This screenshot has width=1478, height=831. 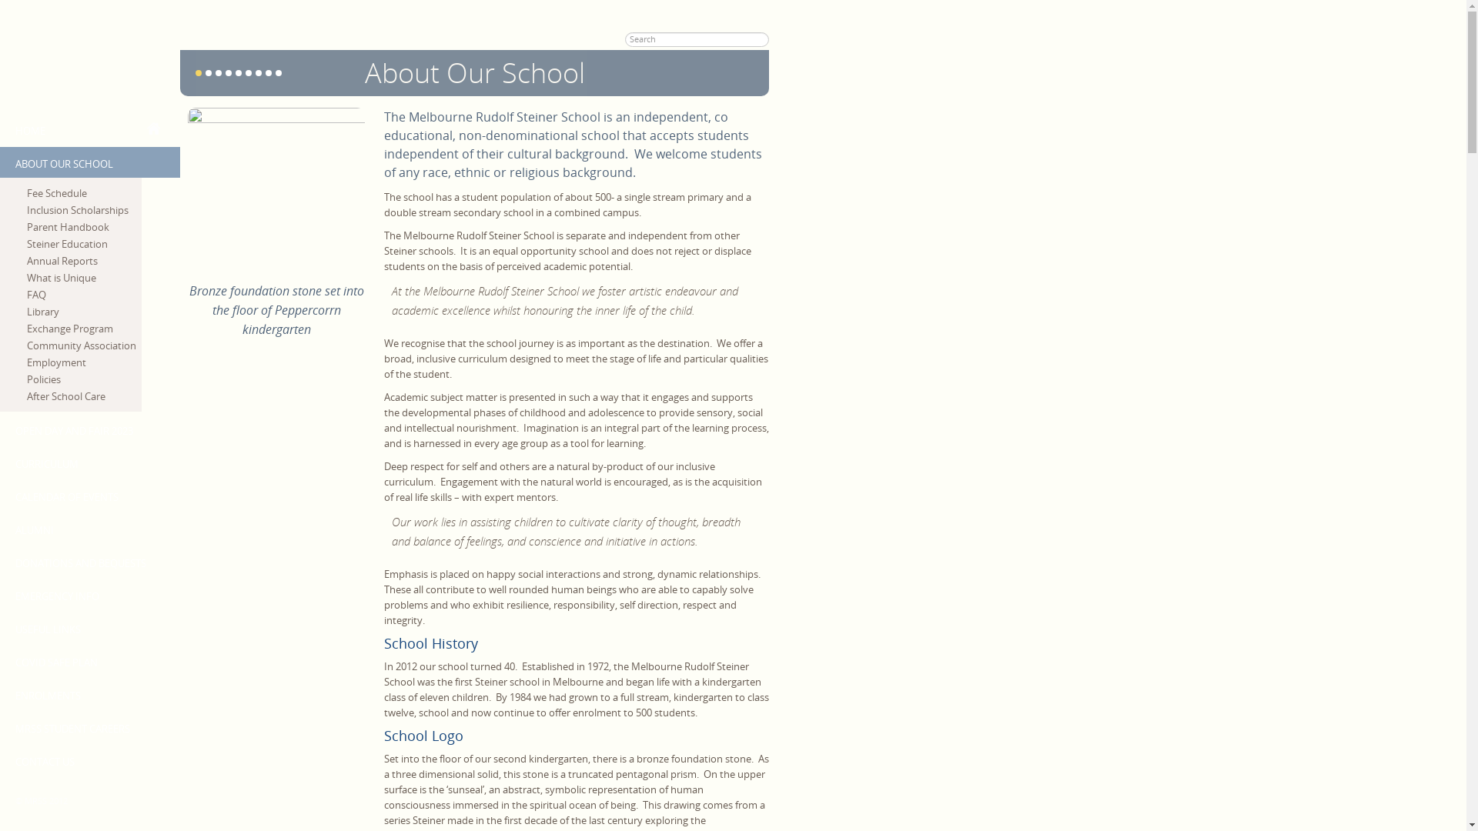 What do you see at coordinates (89, 162) in the screenshot?
I see `'ABOUT OUR SCHOOL'` at bounding box center [89, 162].